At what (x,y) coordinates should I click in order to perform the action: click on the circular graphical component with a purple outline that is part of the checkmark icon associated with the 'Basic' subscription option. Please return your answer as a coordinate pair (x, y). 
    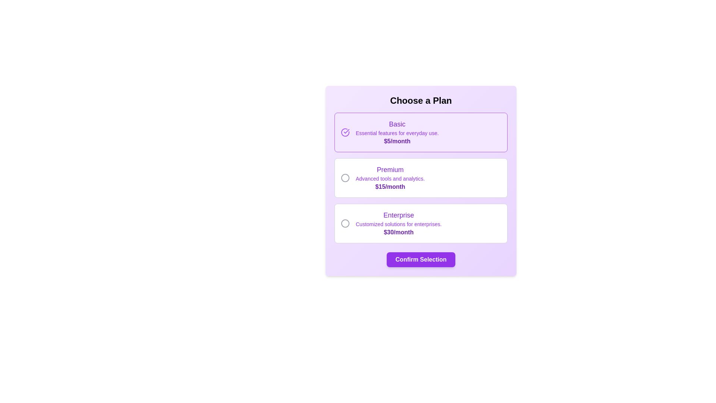
    Looking at the image, I should click on (345, 132).